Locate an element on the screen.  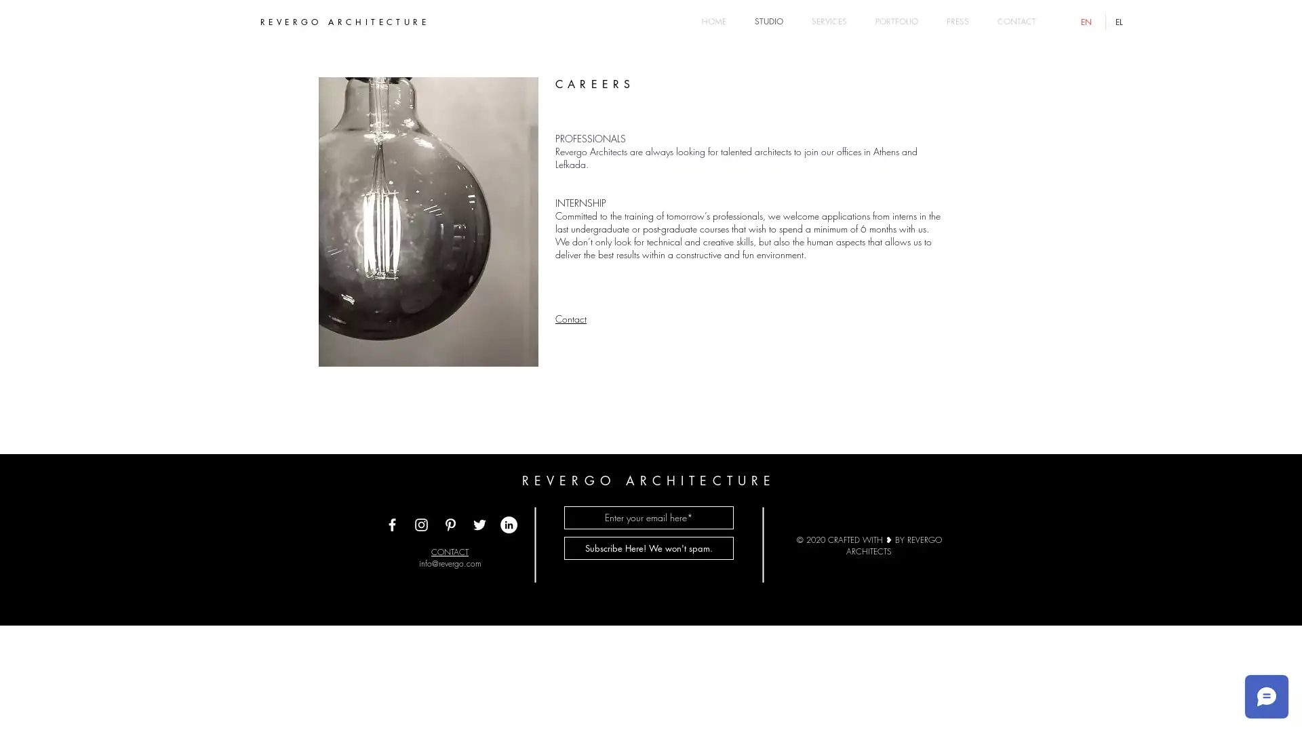
Greek is located at coordinates (1120, 22).